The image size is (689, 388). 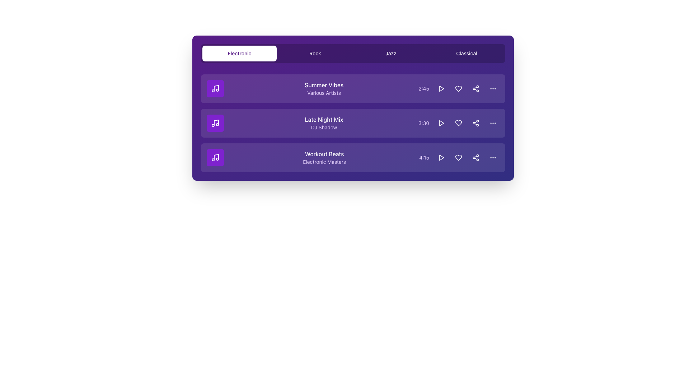 I want to click on the play button on the second song card in the playlist to play the song, so click(x=353, y=123).